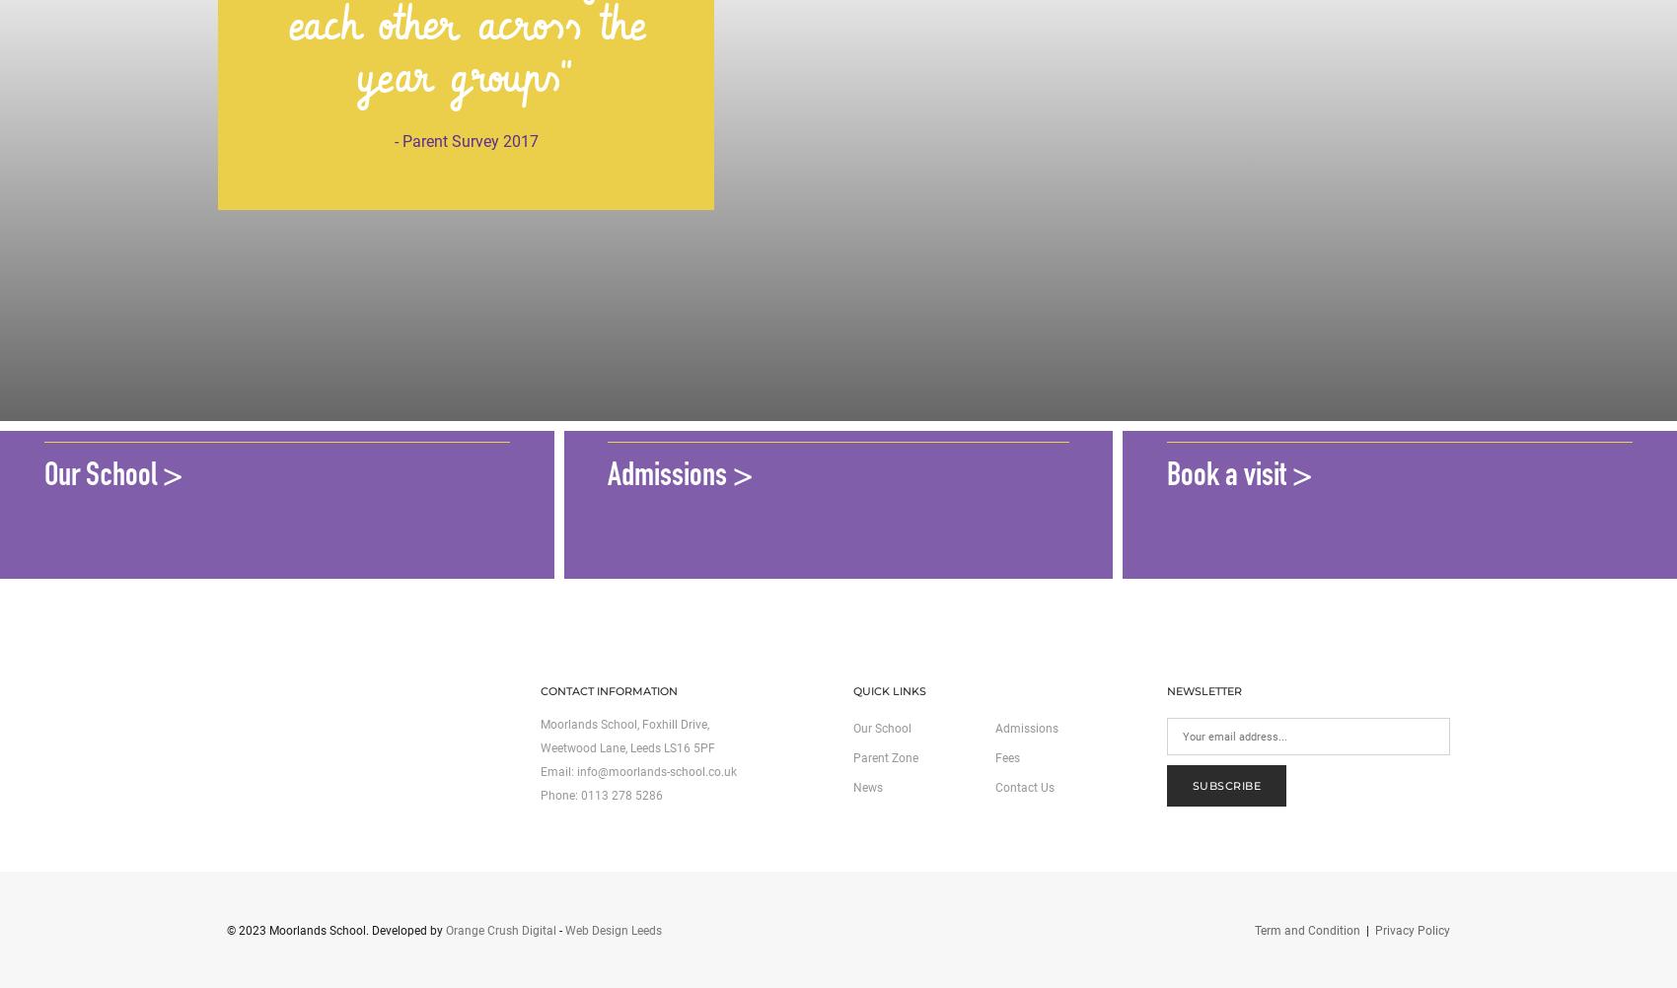 The width and height of the screenshot is (1677, 988). Describe the element at coordinates (1307, 929) in the screenshot. I see `'Term and Condition'` at that location.